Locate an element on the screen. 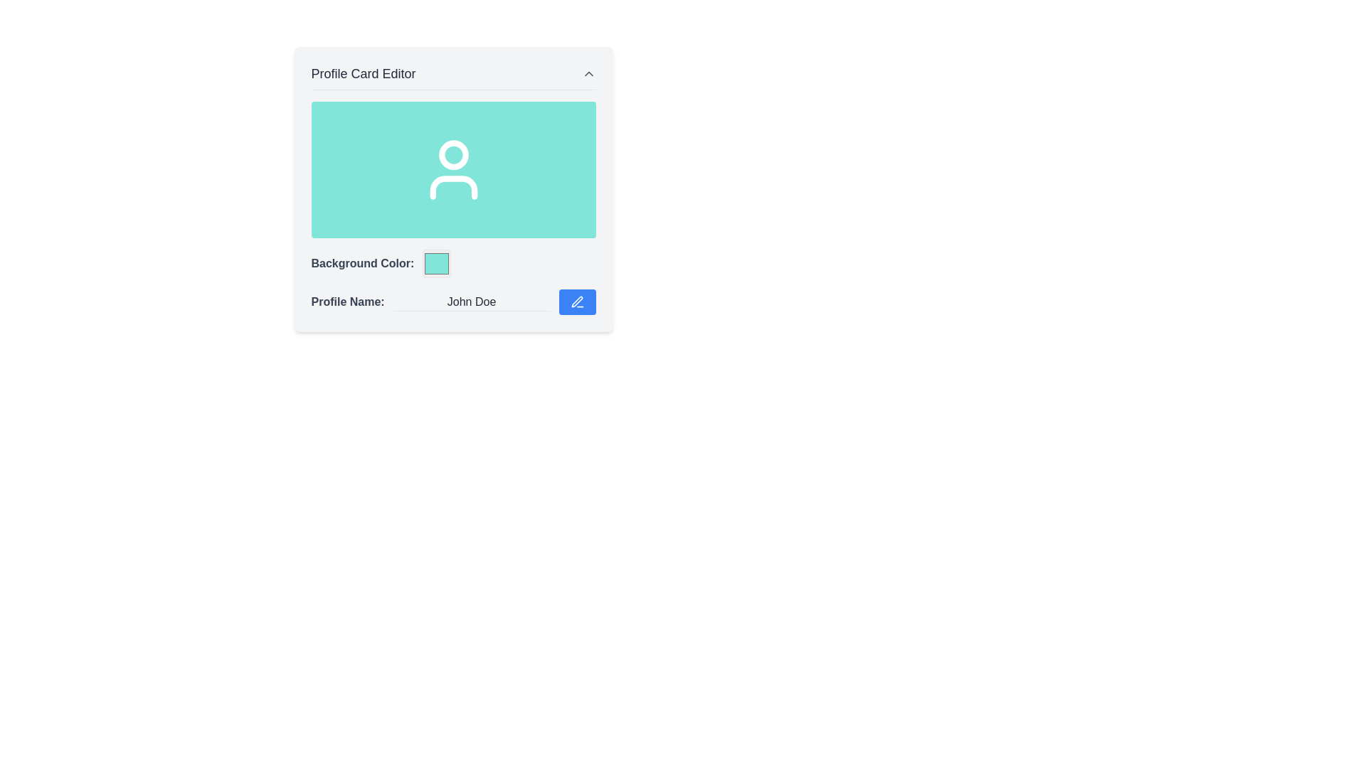 The image size is (1366, 768). the 'Profile Card Editor' text label, which is prominently displayed in a large, bold dark gray font at the top-left of the section is located at coordinates (364, 74).